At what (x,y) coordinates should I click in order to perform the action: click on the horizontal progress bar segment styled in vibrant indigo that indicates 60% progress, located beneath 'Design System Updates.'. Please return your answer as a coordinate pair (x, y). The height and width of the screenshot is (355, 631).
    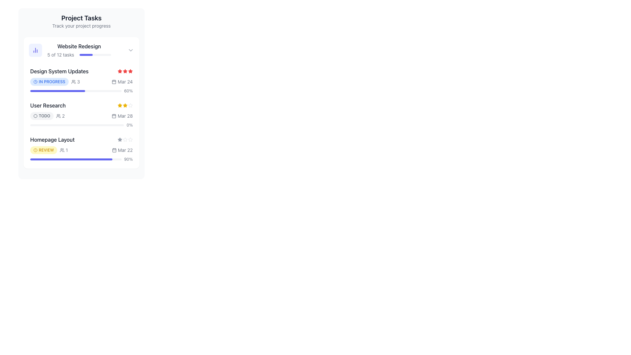
    Looking at the image, I should click on (58, 91).